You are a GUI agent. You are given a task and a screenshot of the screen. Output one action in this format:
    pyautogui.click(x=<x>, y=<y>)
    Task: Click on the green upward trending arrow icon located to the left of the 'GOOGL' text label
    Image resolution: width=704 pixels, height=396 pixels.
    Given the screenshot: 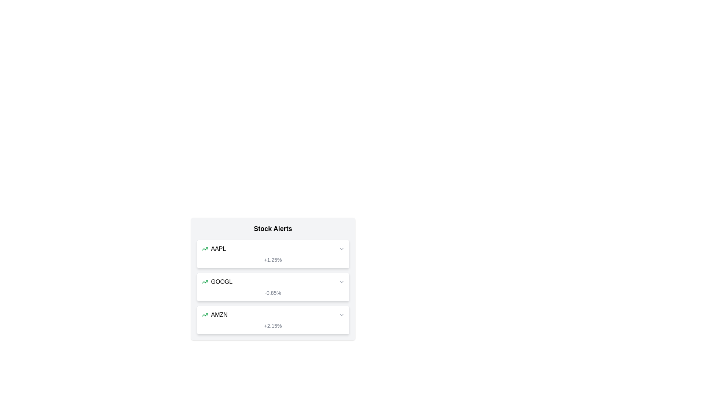 What is the action you would take?
    pyautogui.click(x=205, y=281)
    